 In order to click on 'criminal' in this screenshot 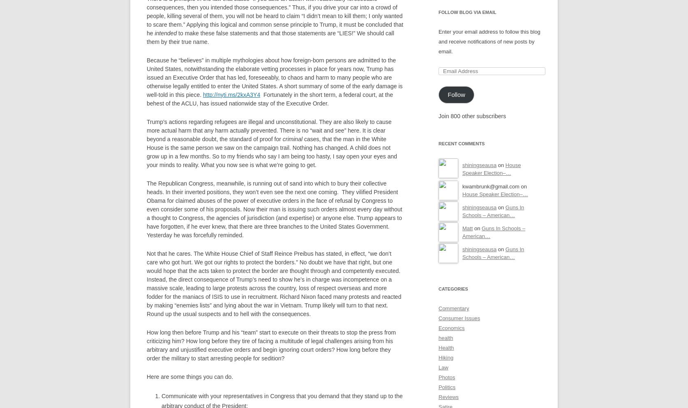, I will do `click(292, 138)`.